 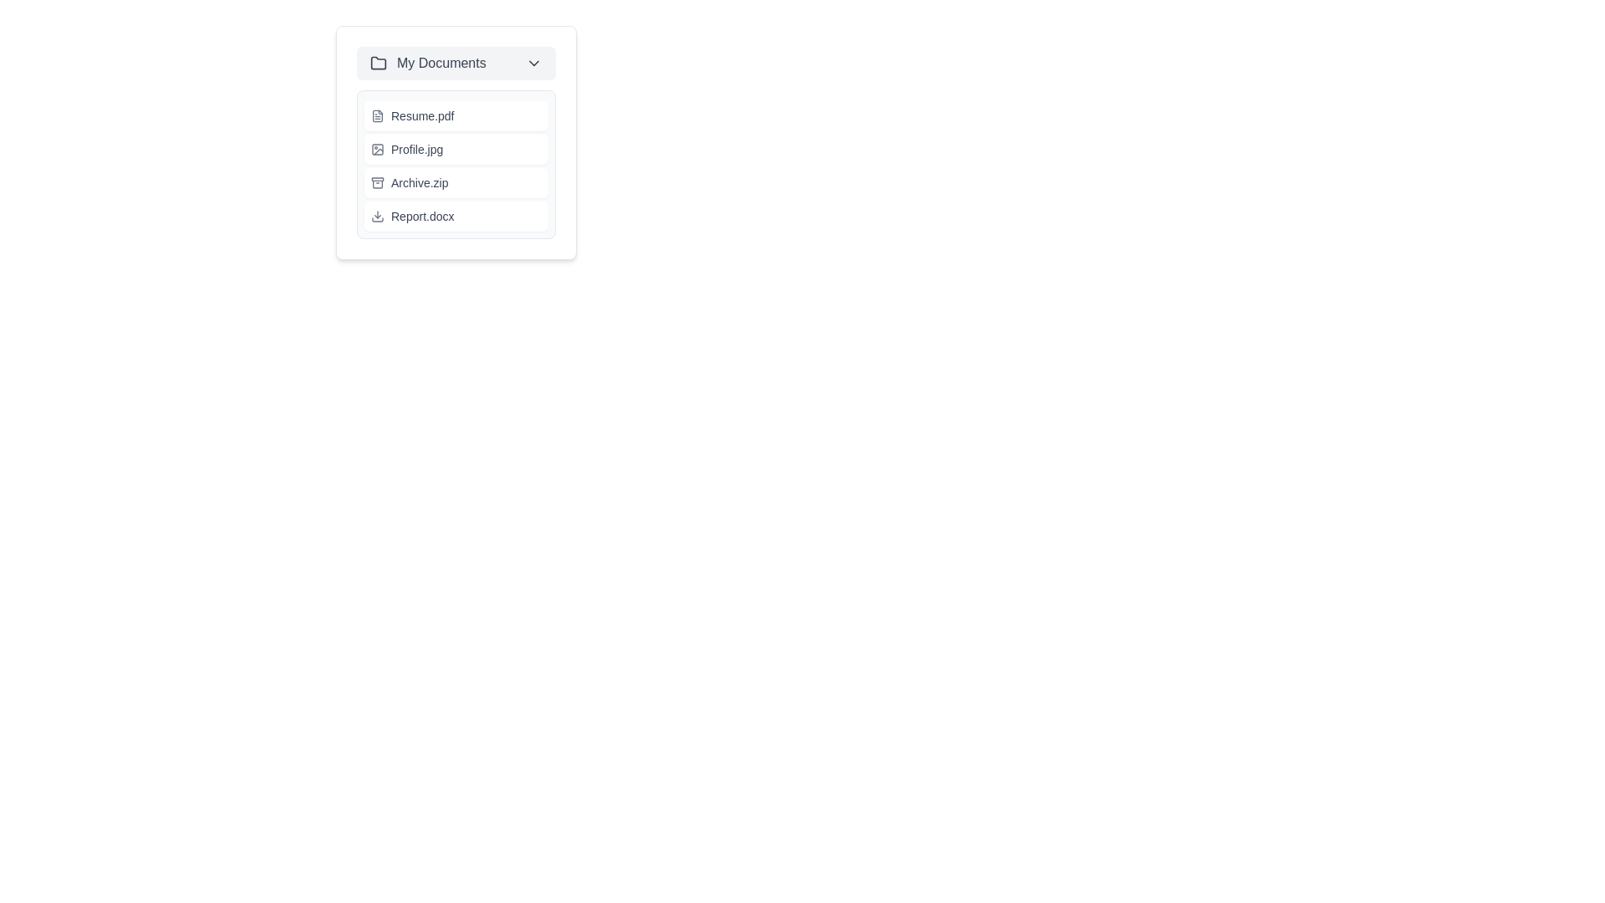 What do you see at coordinates (456, 63) in the screenshot?
I see `the dropdown toggle button labeled 'My Documents'` at bounding box center [456, 63].